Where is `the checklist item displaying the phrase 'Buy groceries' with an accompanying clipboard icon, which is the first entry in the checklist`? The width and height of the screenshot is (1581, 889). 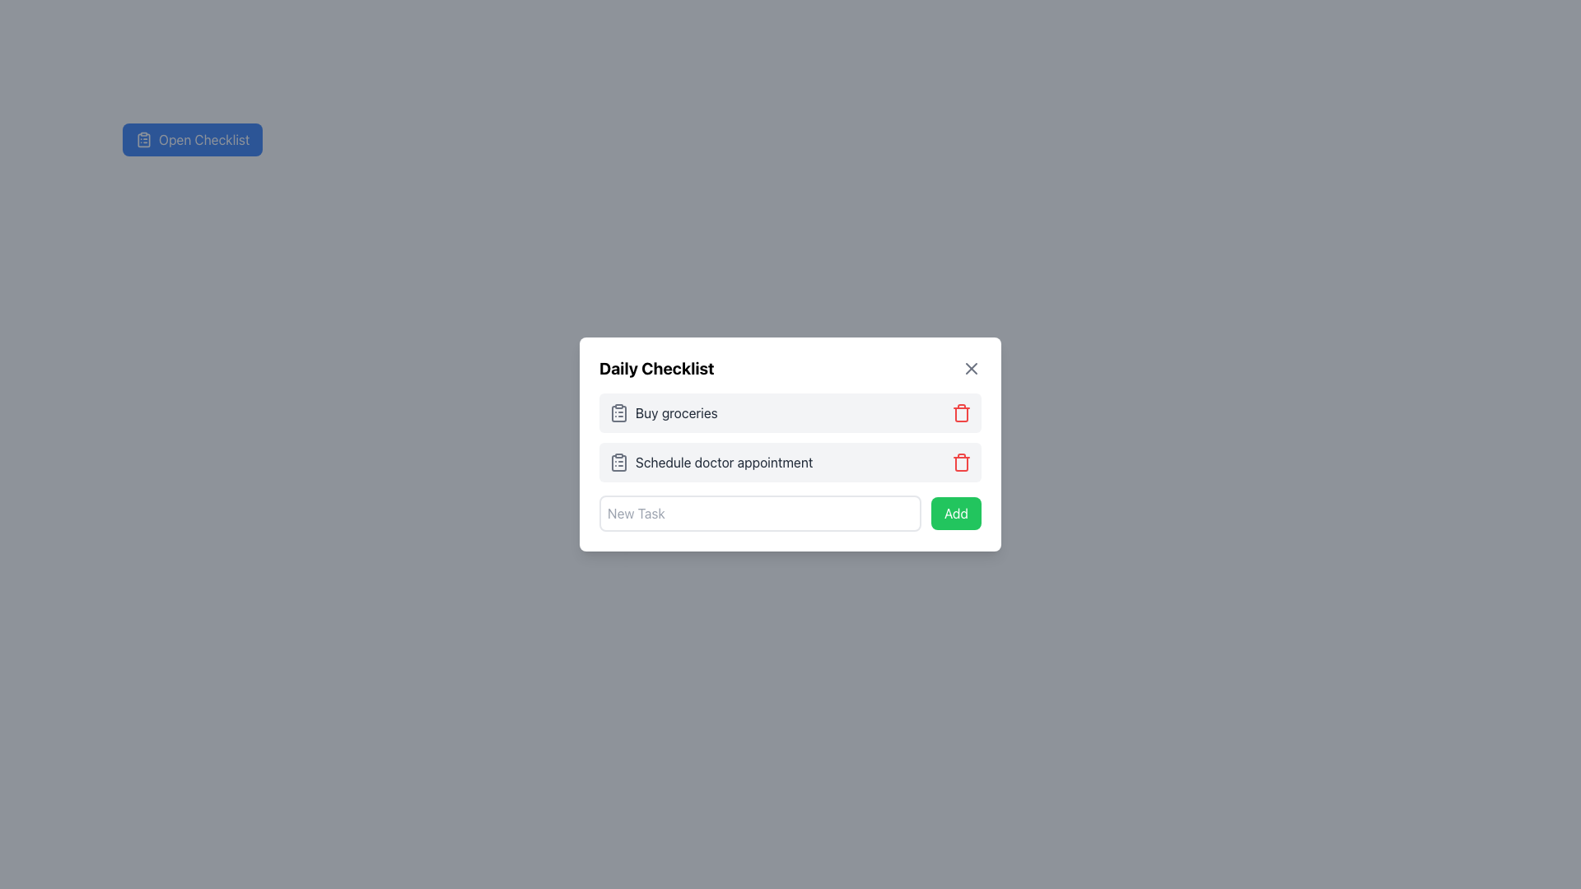
the checklist item displaying the phrase 'Buy groceries' with an accompanying clipboard icon, which is the first entry in the checklist is located at coordinates (663, 412).